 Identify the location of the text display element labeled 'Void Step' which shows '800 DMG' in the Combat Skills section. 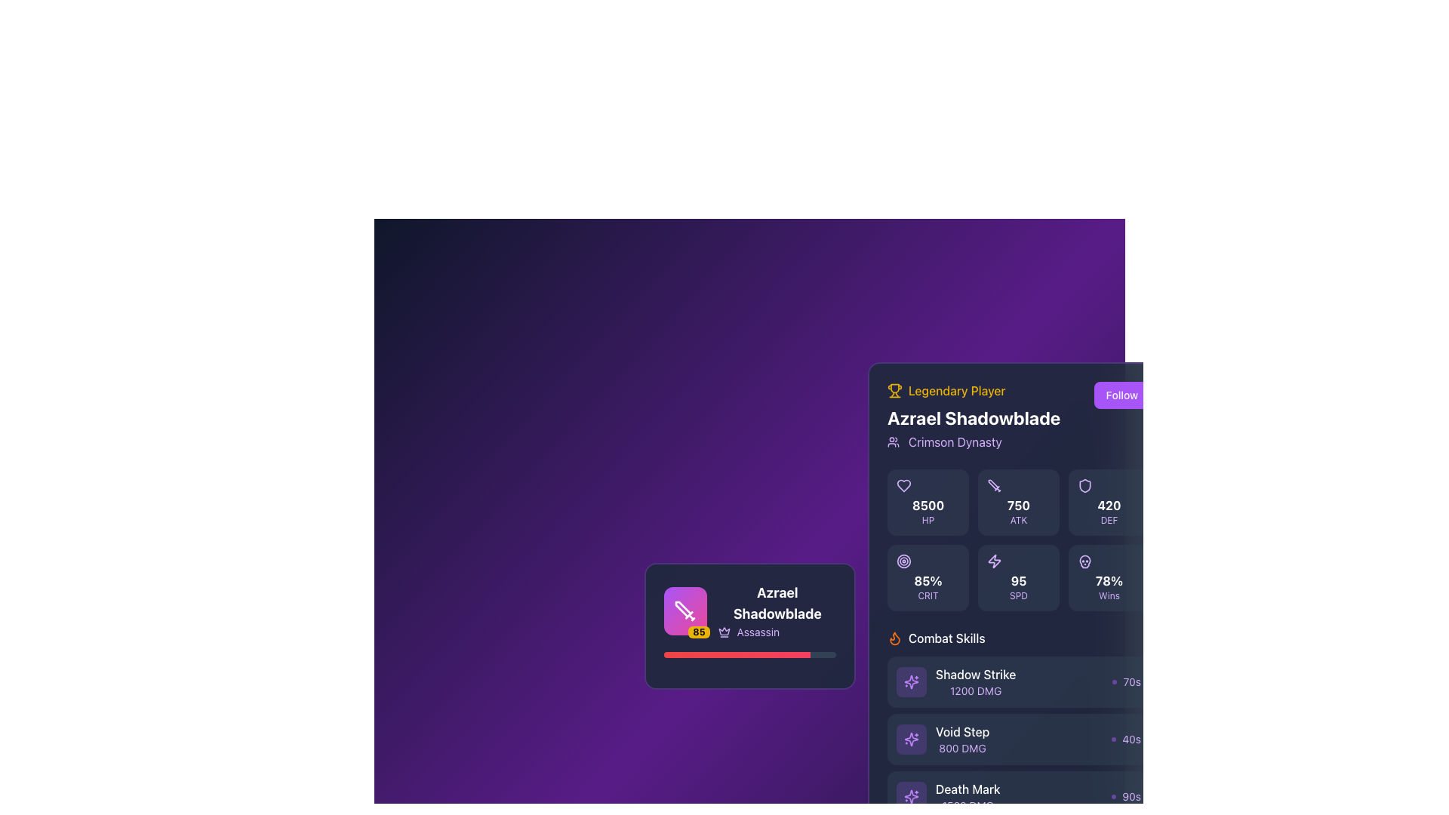
(961, 738).